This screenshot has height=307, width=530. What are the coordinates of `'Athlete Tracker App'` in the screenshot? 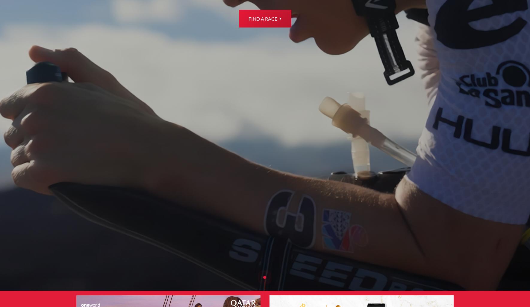 It's located at (302, 149).